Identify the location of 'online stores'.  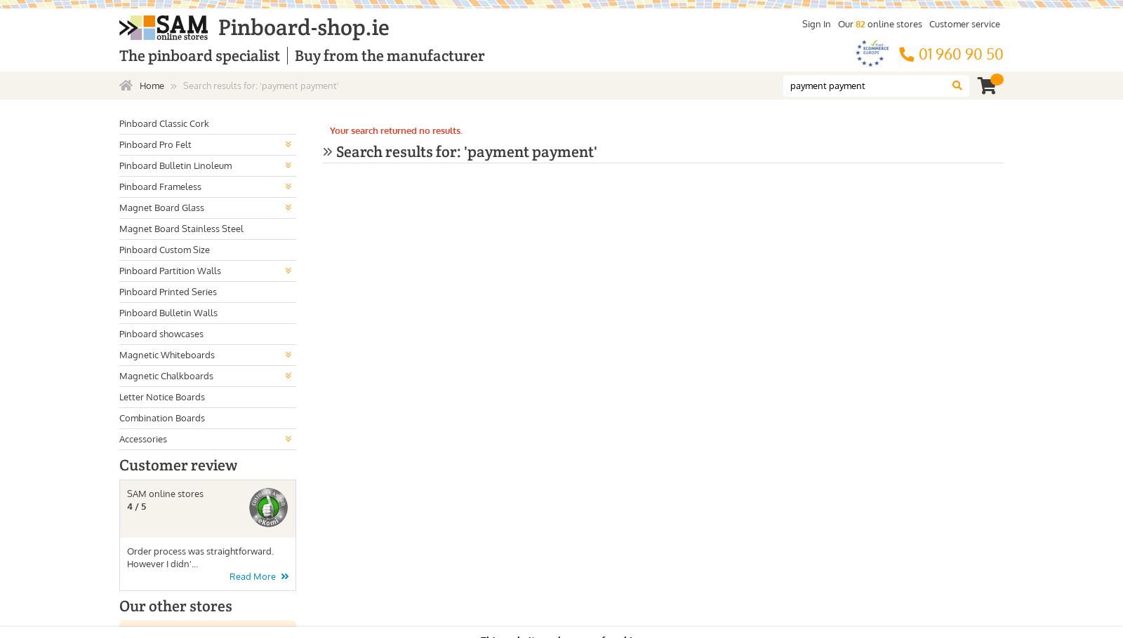
(893, 24).